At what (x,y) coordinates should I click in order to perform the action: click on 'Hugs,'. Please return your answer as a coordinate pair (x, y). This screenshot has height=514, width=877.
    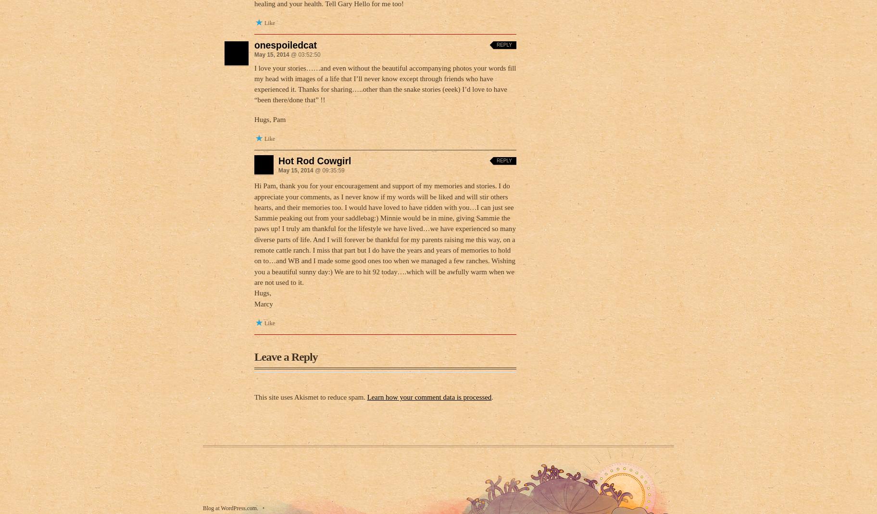
    Looking at the image, I should click on (262, 293).